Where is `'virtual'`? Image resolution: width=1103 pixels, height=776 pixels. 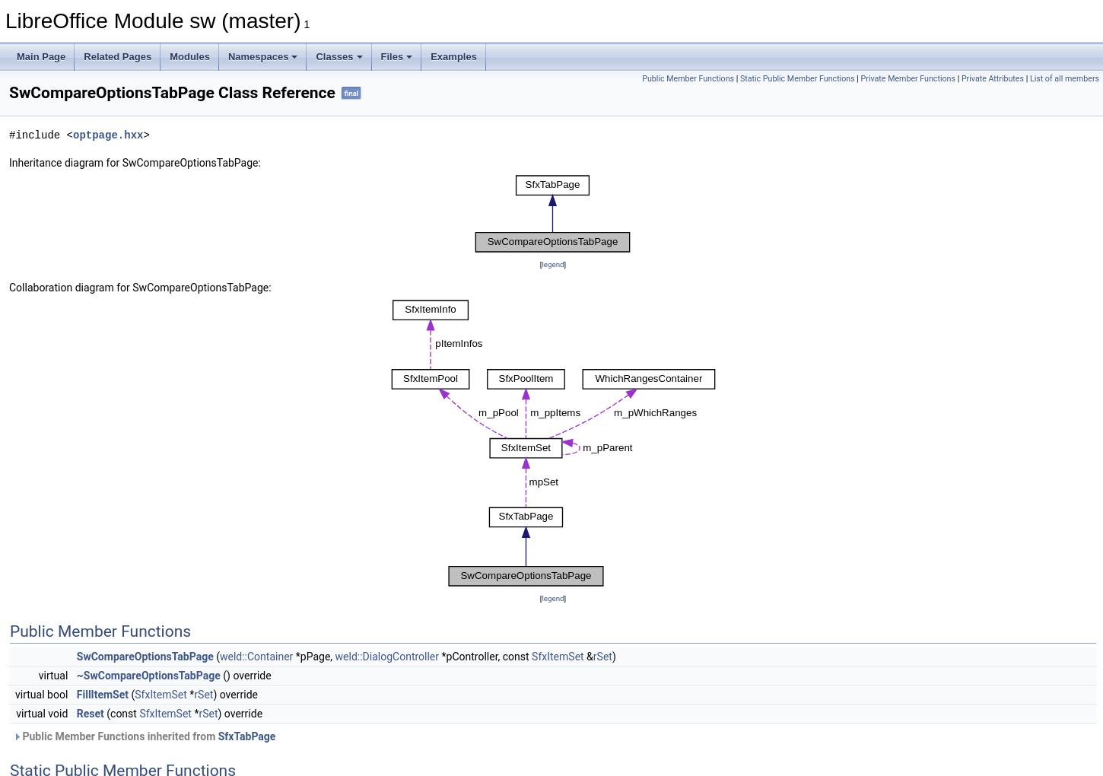 'virtual' is located at coordinates (54, 675).